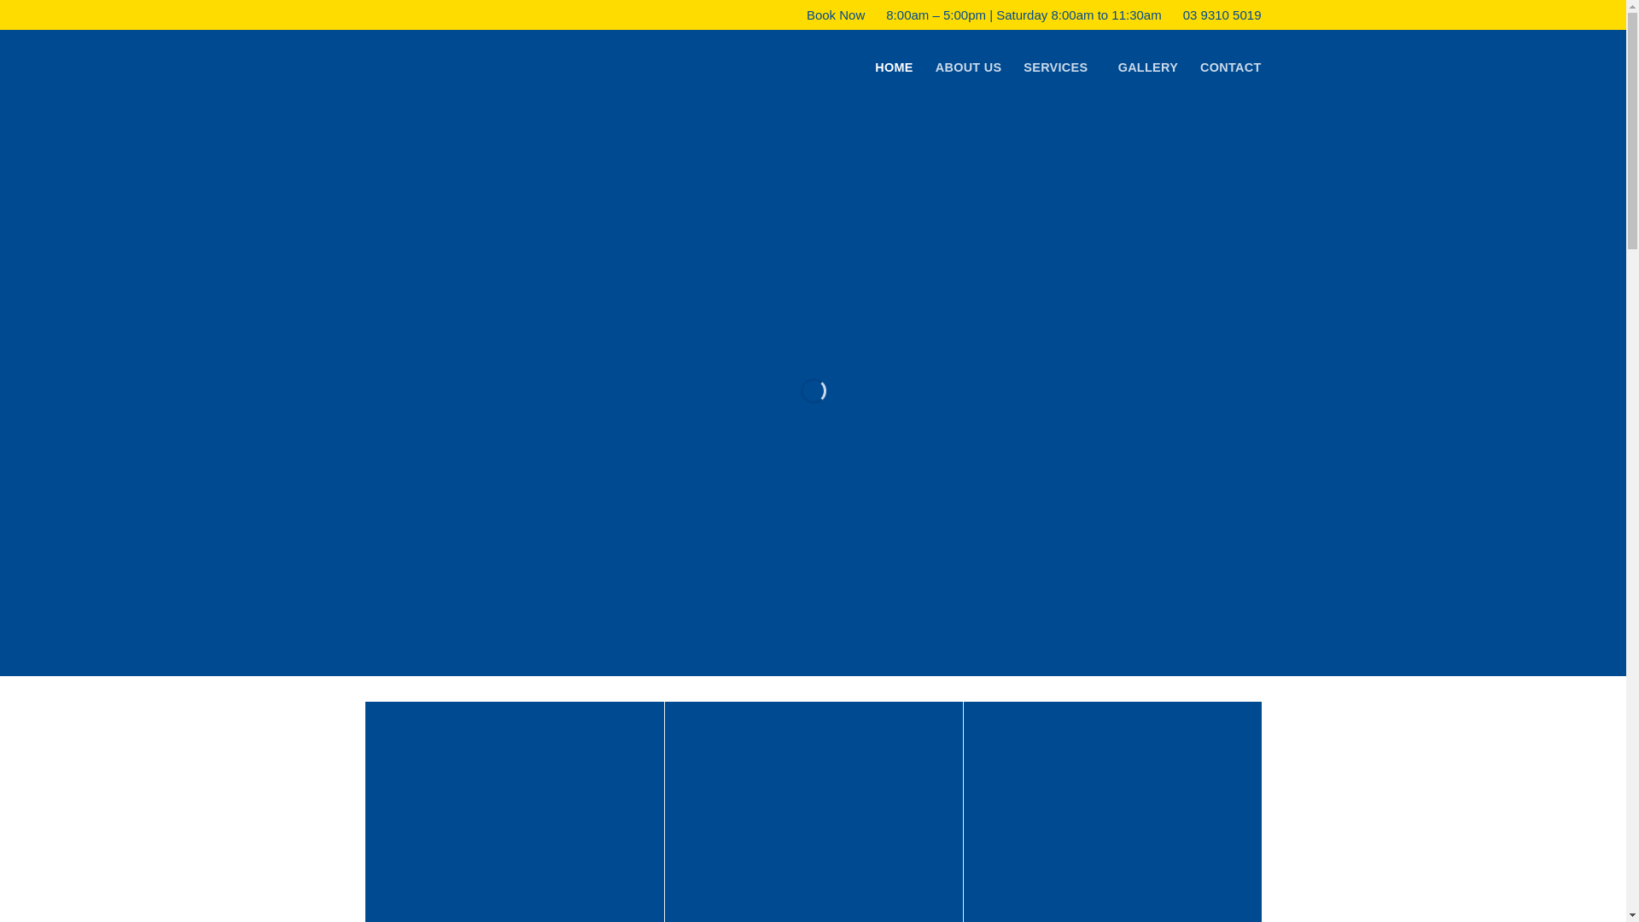 The height and width of the screenshot is (922, 1639). What do you see at coordinates (892, 67) in the screenshot?
I see `'HOME'` at bounding box center [892, 67].